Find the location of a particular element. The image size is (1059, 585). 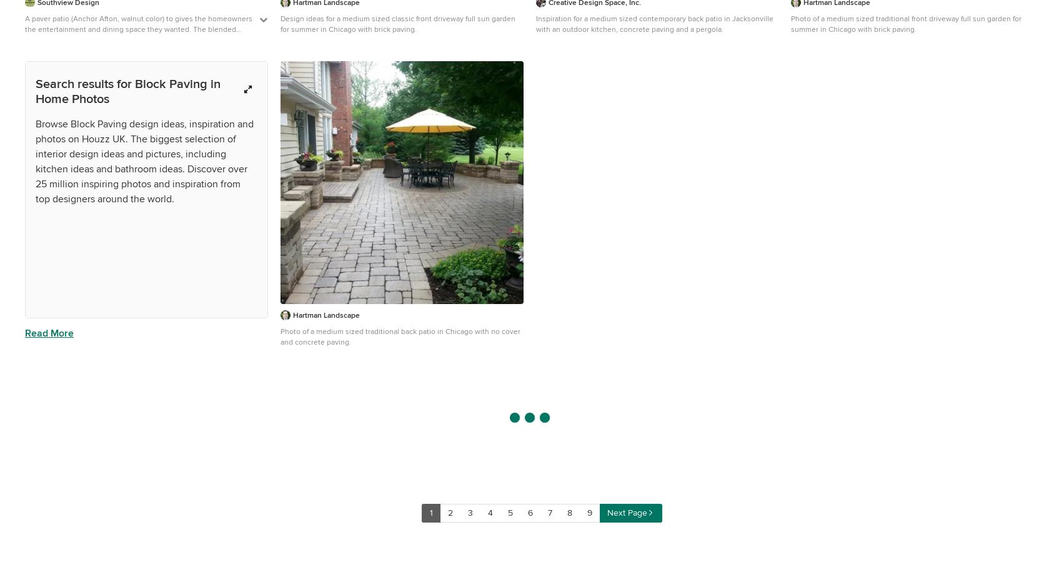

'Search results for Block Paving in Home Photos' is located at coordinates (127, 90).